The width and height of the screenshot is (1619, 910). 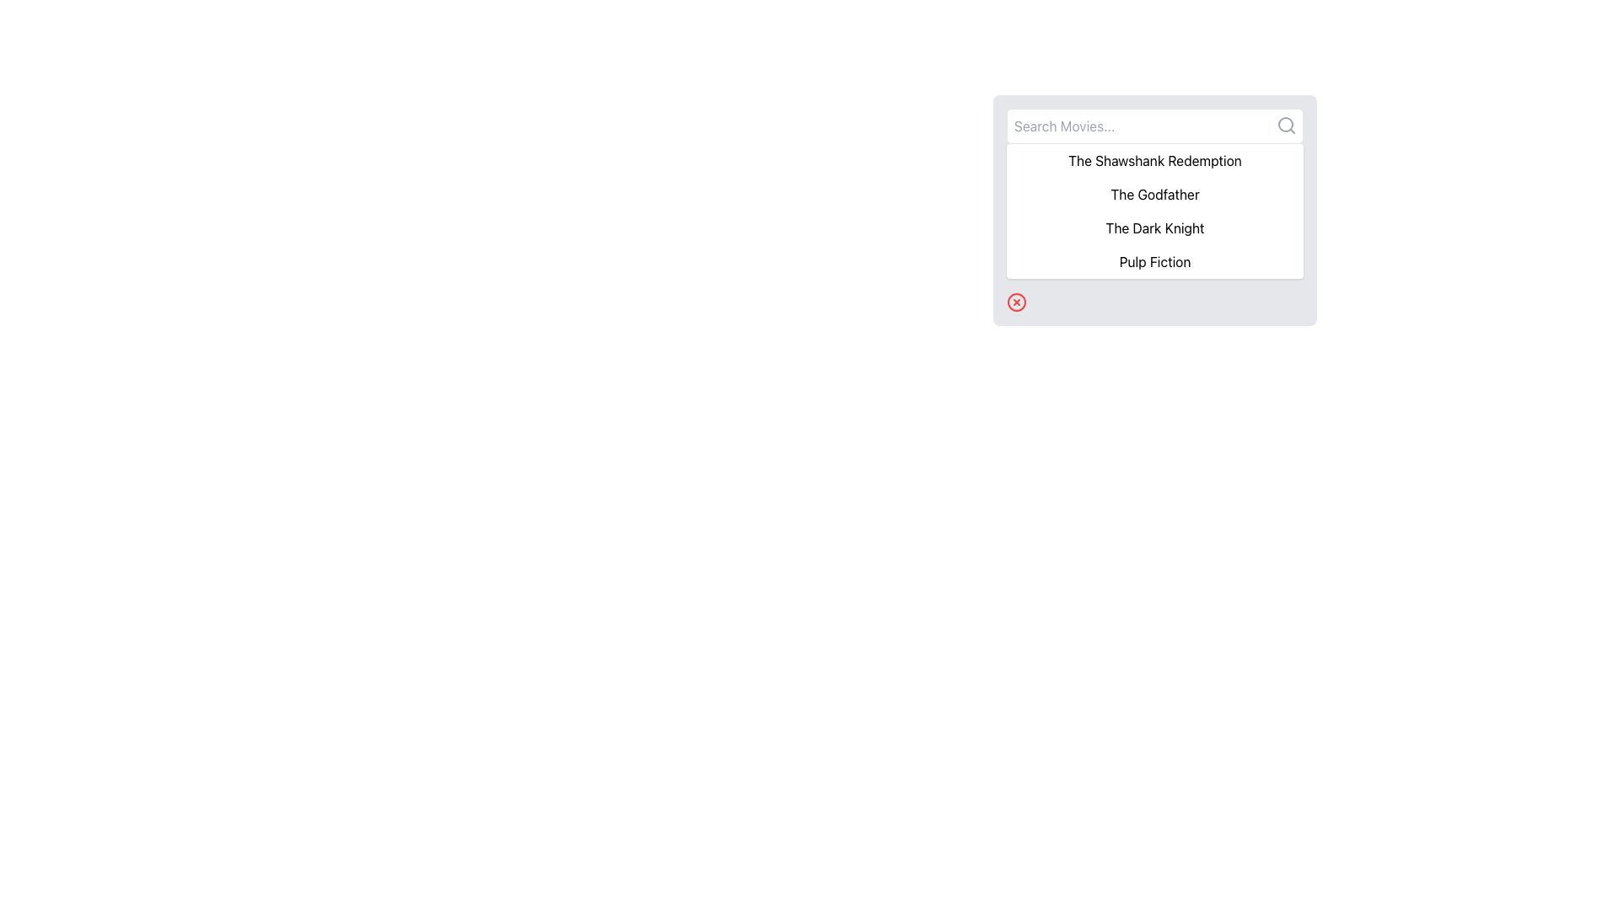 I want to click on the third item in the dropdown list, so click(x=1154, y=227).